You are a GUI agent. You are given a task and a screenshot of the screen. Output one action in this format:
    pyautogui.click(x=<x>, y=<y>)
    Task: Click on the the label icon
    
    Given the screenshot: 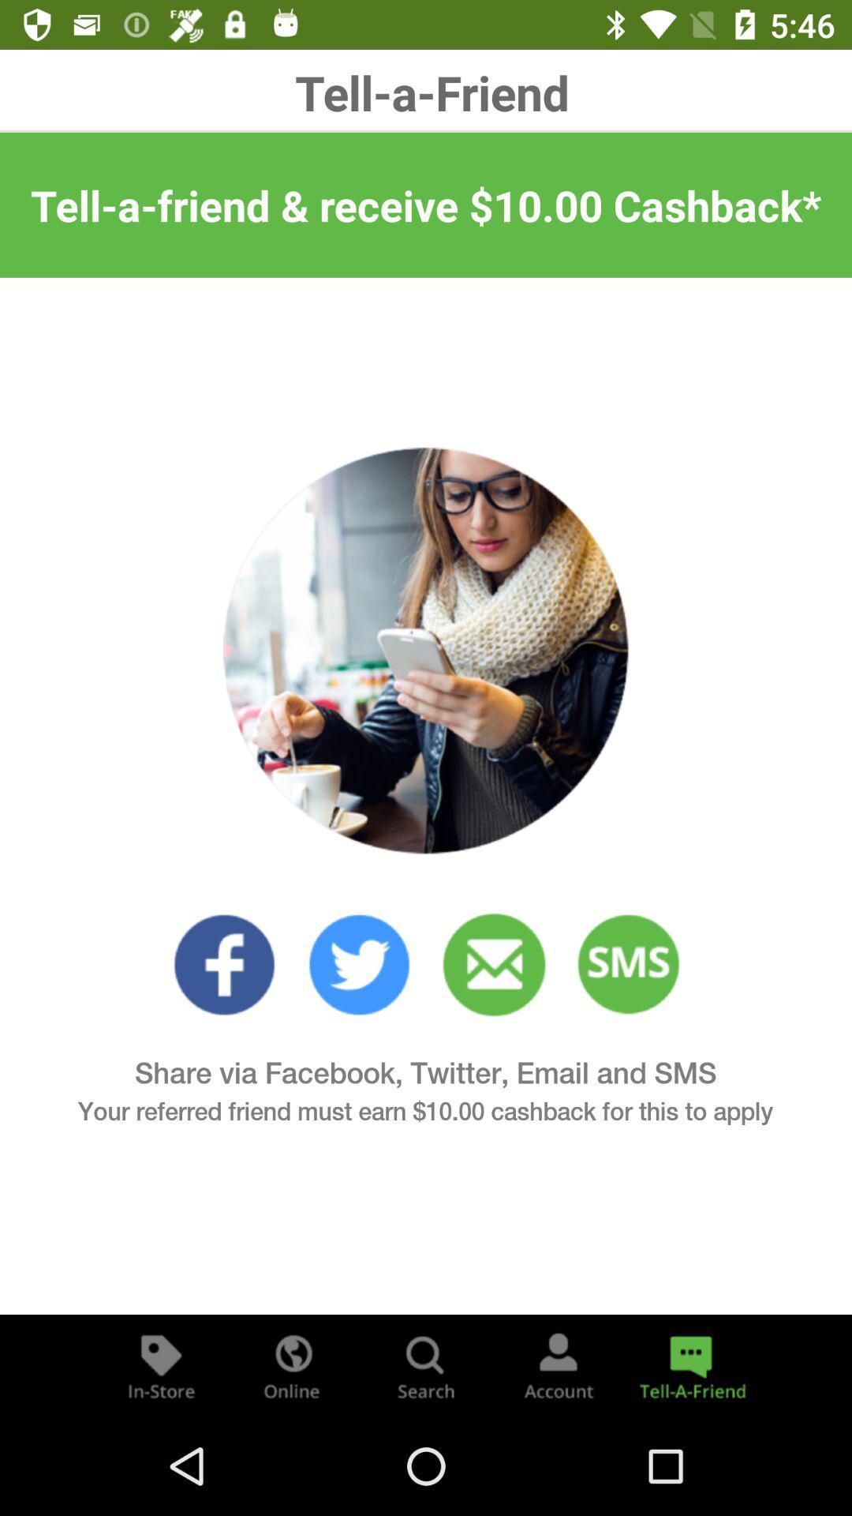 What is the action you would take?
    pyautogui.click(x=161, y=1364)
    